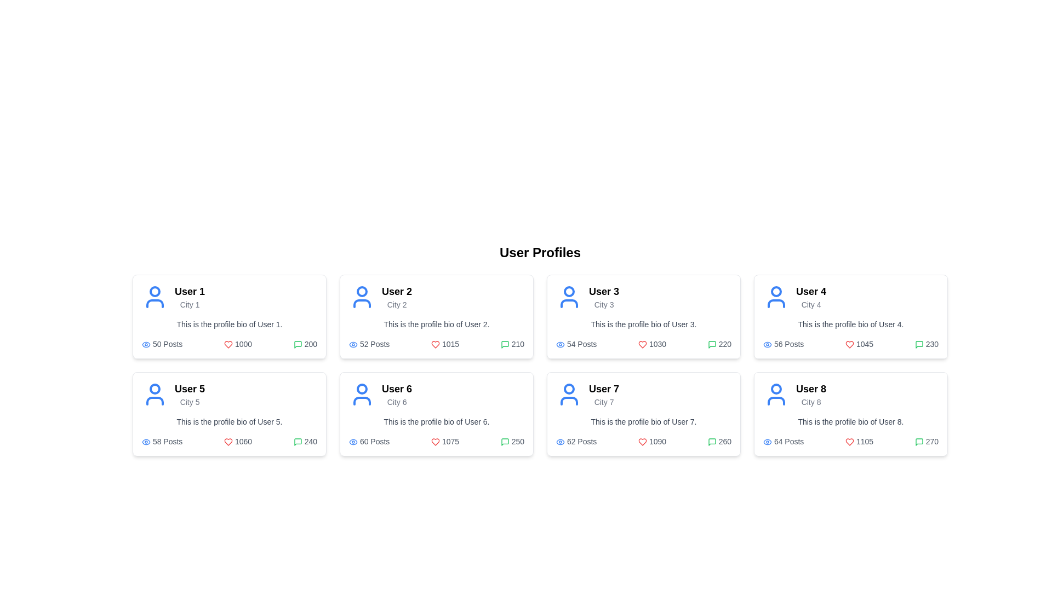  Describe the element at coordinates (298, 345) in the screenshot. I see `the profile attribute icon located at the bottom right corner of 'User 1's profile card, adjacent to the text label displaying the number '200'` at that location.